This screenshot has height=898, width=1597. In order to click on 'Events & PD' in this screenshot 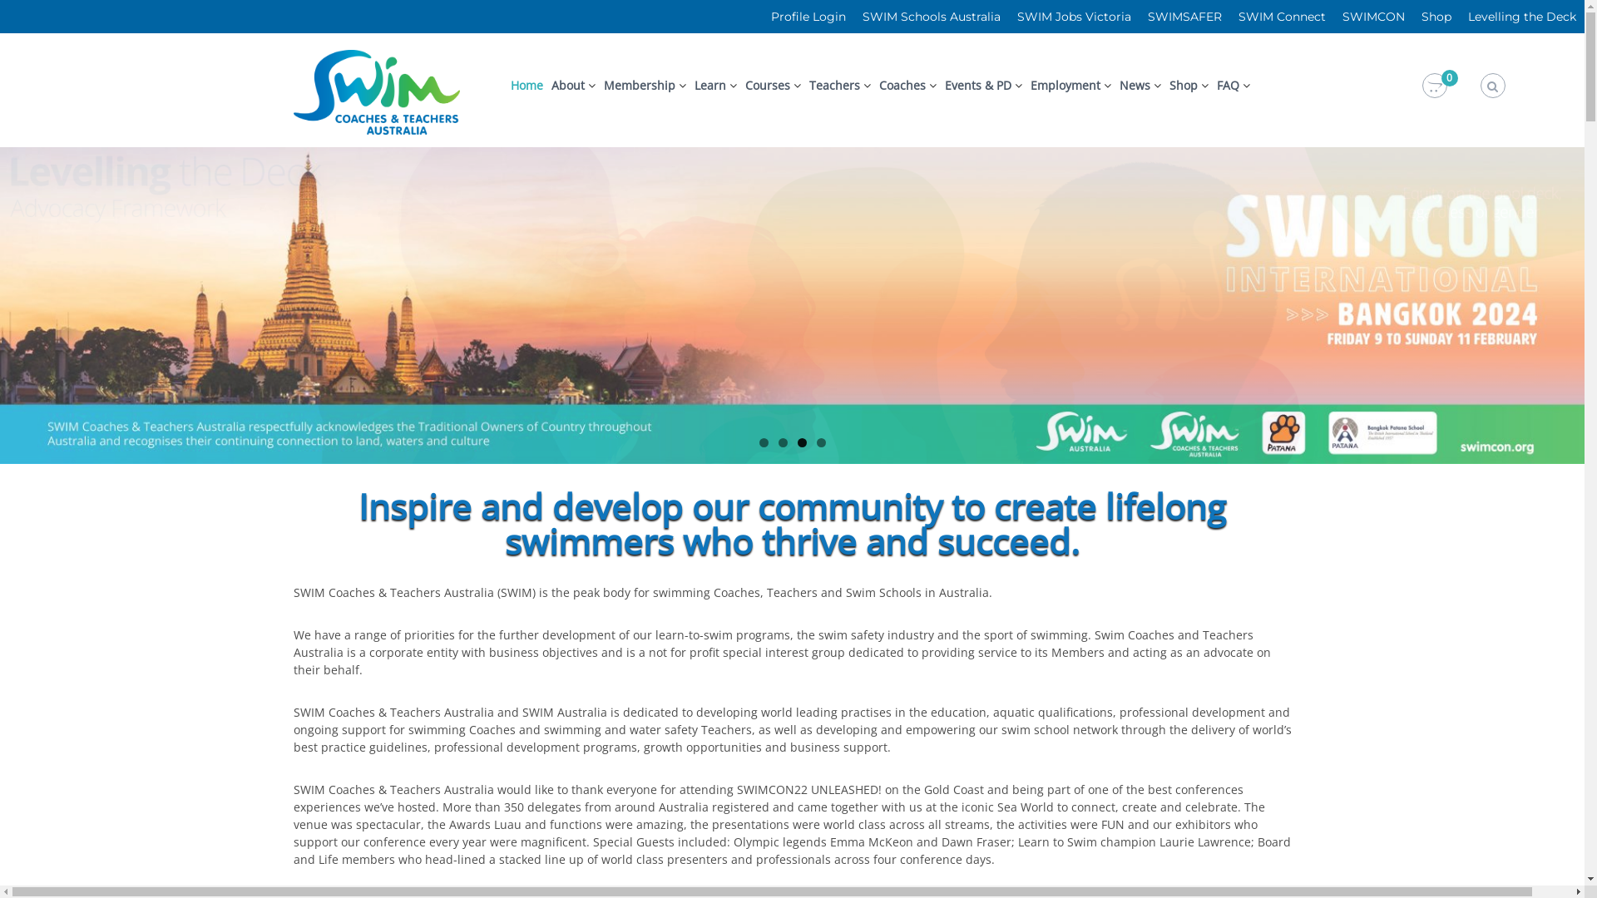, I will do `click(945, 85)`.